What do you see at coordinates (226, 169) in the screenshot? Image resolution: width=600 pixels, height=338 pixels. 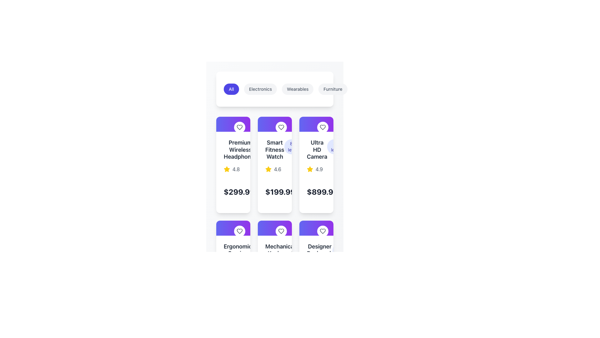 I see `the yellow star-shaped icon representing a rating located centrally within the third product card under the title 'Ultra HD Camera'` at bounding box center [226, 169].